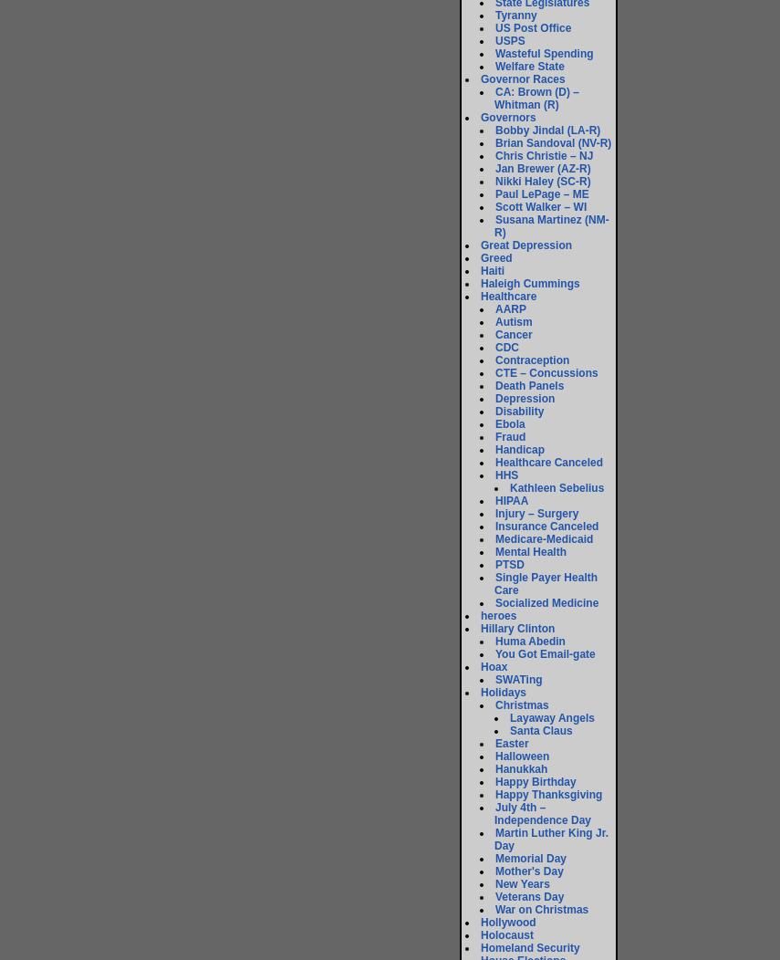  Describe the element at coordinates (528, 896) in the screenshot. I see `'Veterans Day'` at that location.